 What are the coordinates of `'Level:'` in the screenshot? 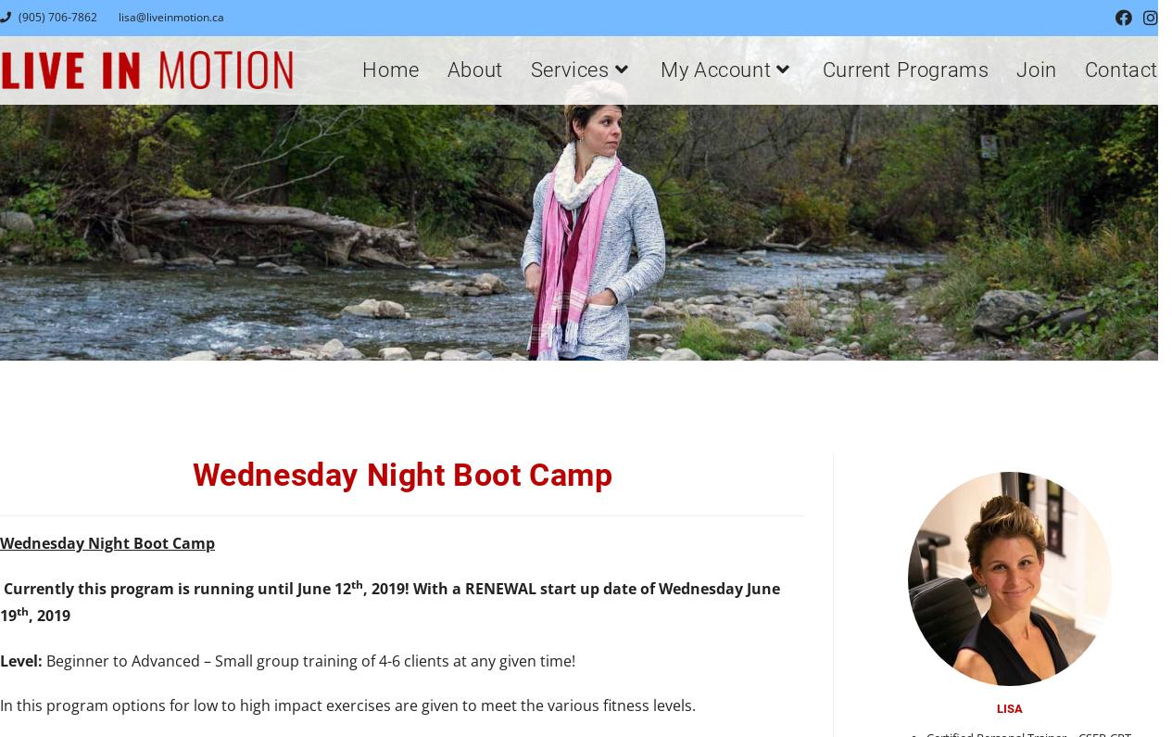 It's located at (20, 660).